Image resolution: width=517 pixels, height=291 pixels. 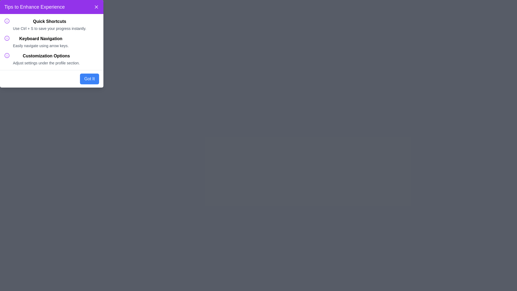 I want to click on the informational section that provides guidance on navigation using arrow keys, positioned between the 'Quick Shortcuts' and 'Customization Options' sections in the modal window, so click(x=52, y=41).